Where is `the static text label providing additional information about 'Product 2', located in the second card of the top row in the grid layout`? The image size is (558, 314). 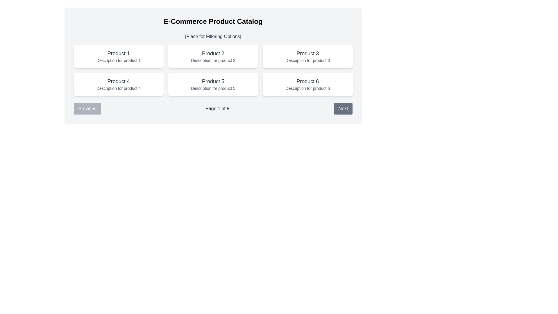 the static text label providing additional information about 'Product 2', located in the second card of the top row in the grid layout is located at coordinates (213, 60).